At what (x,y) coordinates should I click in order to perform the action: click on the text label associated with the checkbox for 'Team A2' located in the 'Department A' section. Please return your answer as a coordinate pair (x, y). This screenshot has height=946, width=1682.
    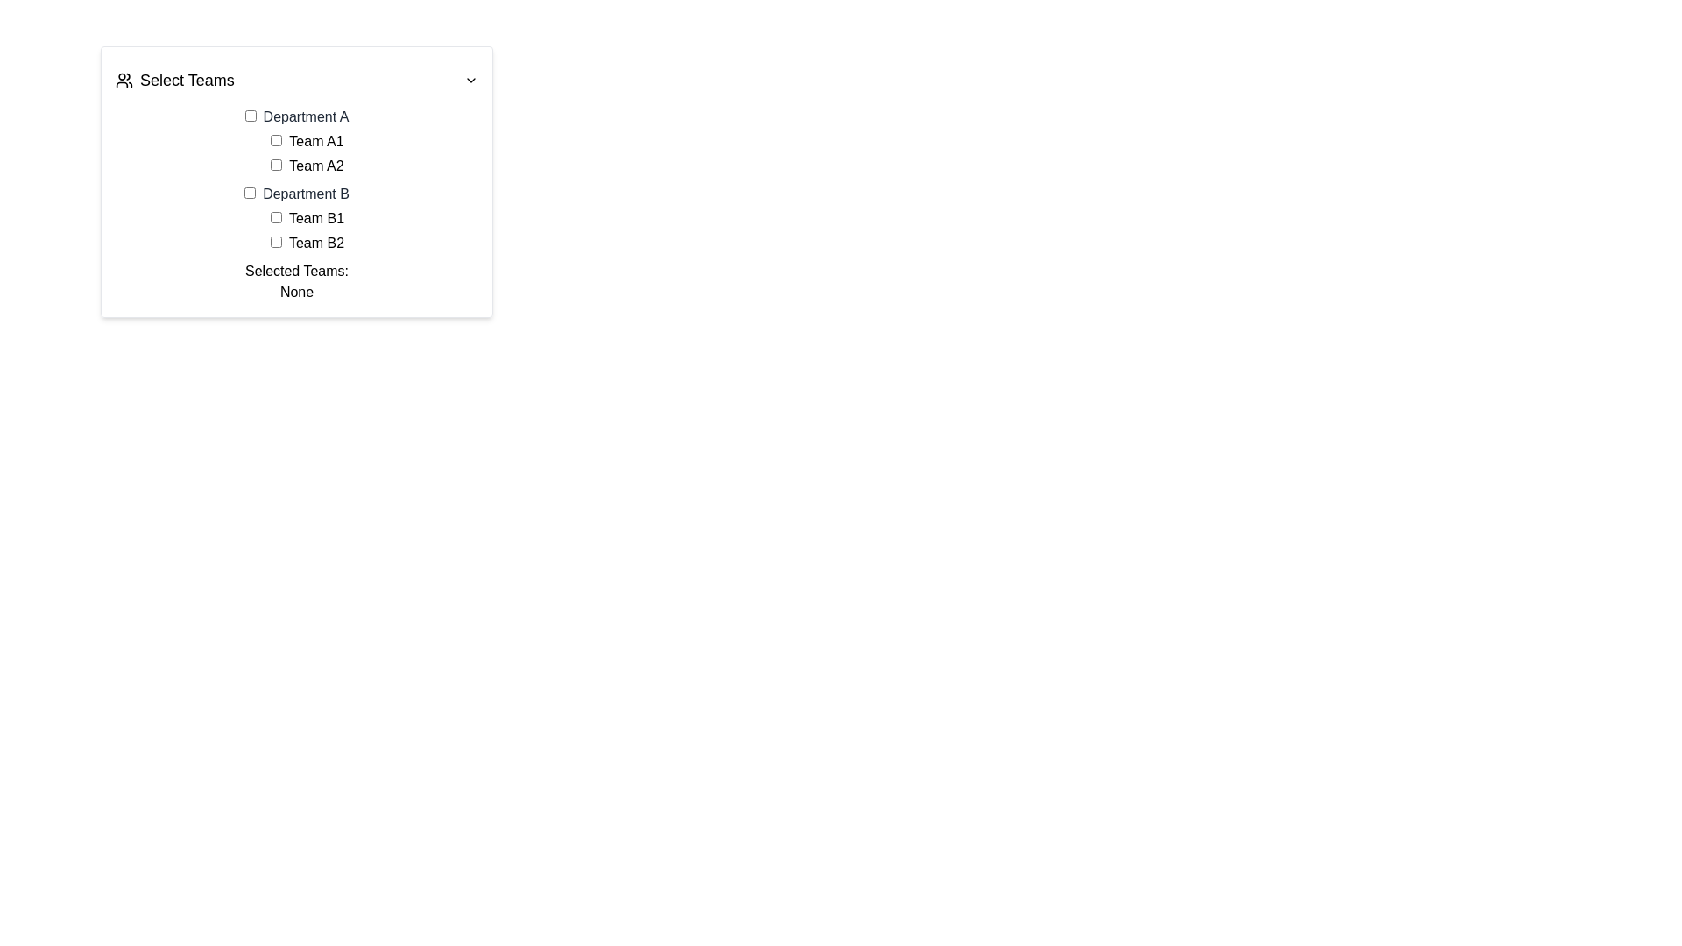
    Looking at the image, I should click on (316, 166).